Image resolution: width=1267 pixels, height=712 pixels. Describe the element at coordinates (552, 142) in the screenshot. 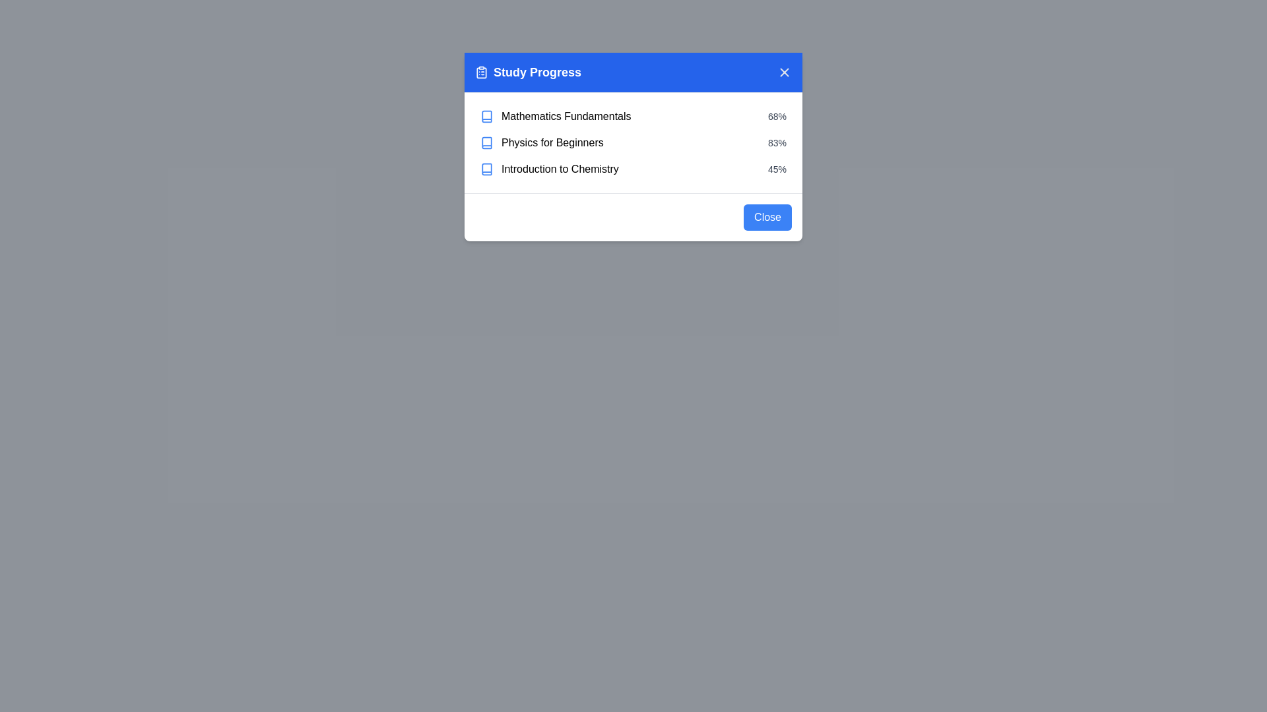

I see `text label that describes the course titled 'Physics for Beginners', which is the second item in the vertical list within the 'Study Progress' modal` at that location.